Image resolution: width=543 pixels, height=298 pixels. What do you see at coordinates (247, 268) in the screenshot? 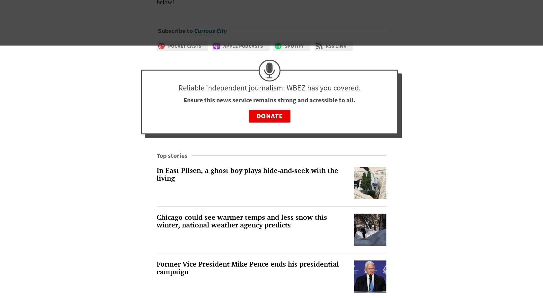
I see `'Former Vice President Mike Pence ends his presidential campaign'` at bounding box center [247, 268].